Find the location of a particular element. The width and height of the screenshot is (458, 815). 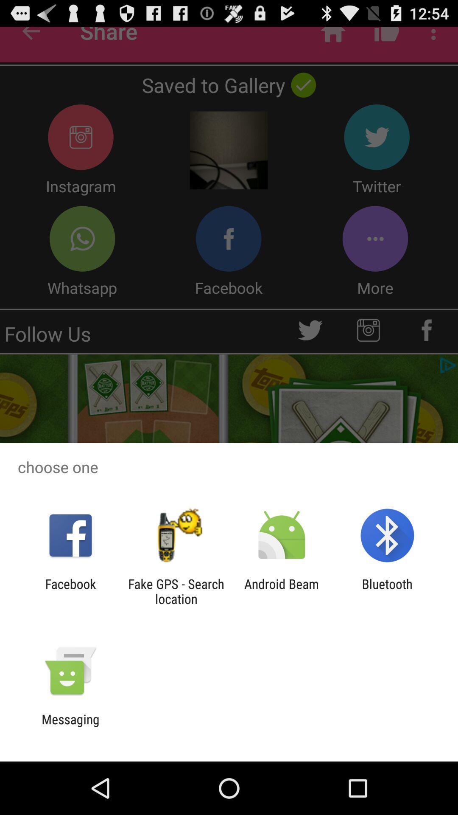

the messaging app is located at coordinates (70, 726).